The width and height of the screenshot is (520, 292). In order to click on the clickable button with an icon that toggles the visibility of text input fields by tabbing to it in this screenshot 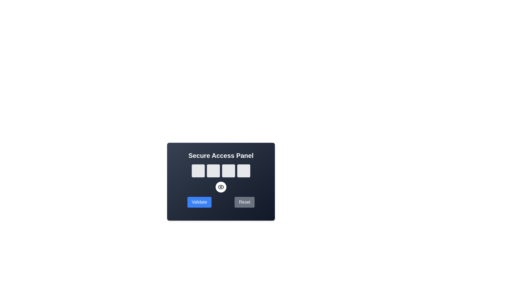, I will do `click(221, 187)`.